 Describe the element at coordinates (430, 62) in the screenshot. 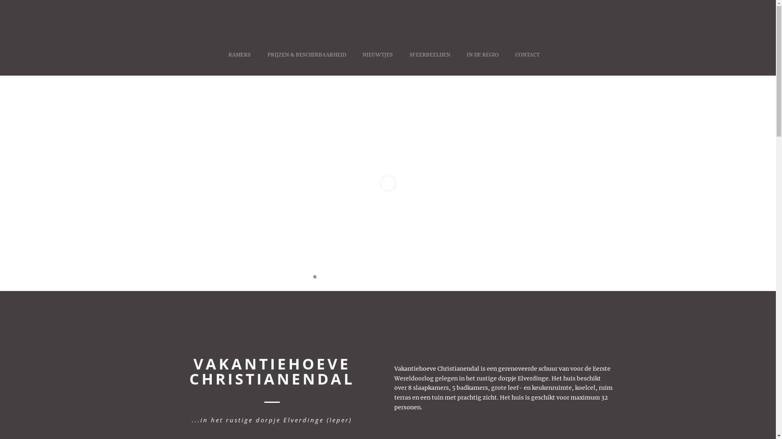

I see `'SFEERBEELDEN'` at that location.